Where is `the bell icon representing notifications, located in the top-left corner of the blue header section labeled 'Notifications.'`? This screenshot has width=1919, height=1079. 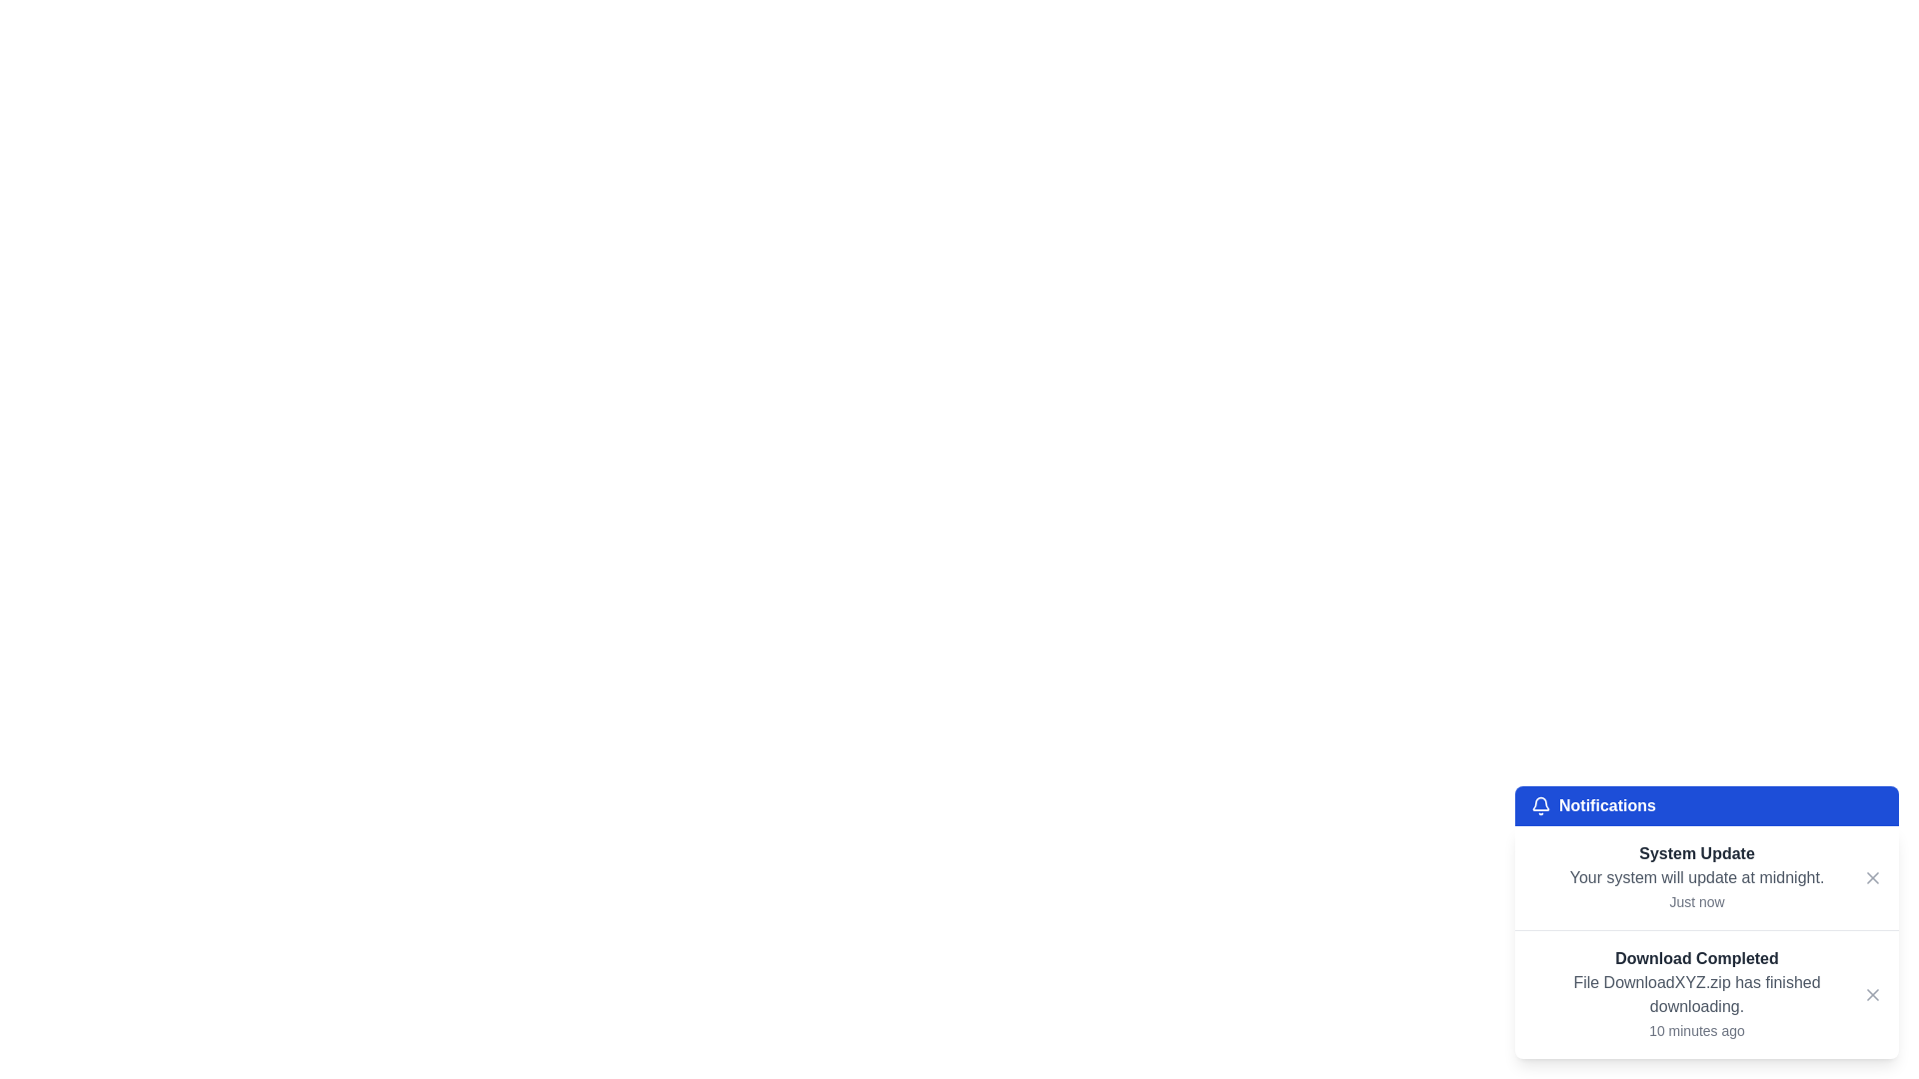 the bell icon representing notifications, located in the top-left corner of the blue header section labeled 'Notifications.' is located at coordinates (1539, 804).